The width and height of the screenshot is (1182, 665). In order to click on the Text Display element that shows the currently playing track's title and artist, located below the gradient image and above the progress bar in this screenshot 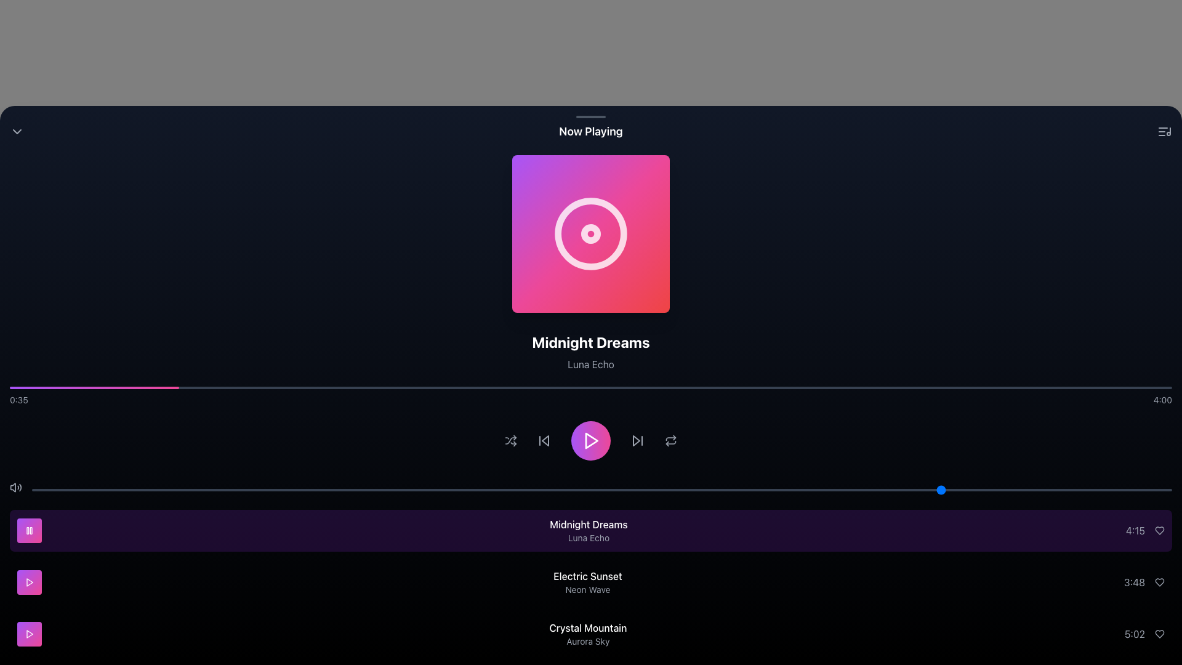, I will do `click(591, 352)`.